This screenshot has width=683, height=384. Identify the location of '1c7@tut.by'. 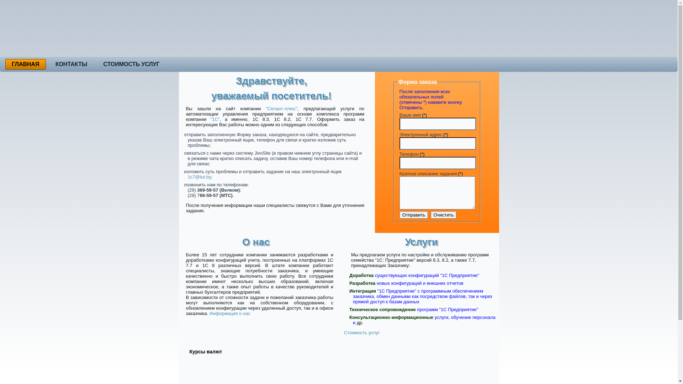
(188, 176).